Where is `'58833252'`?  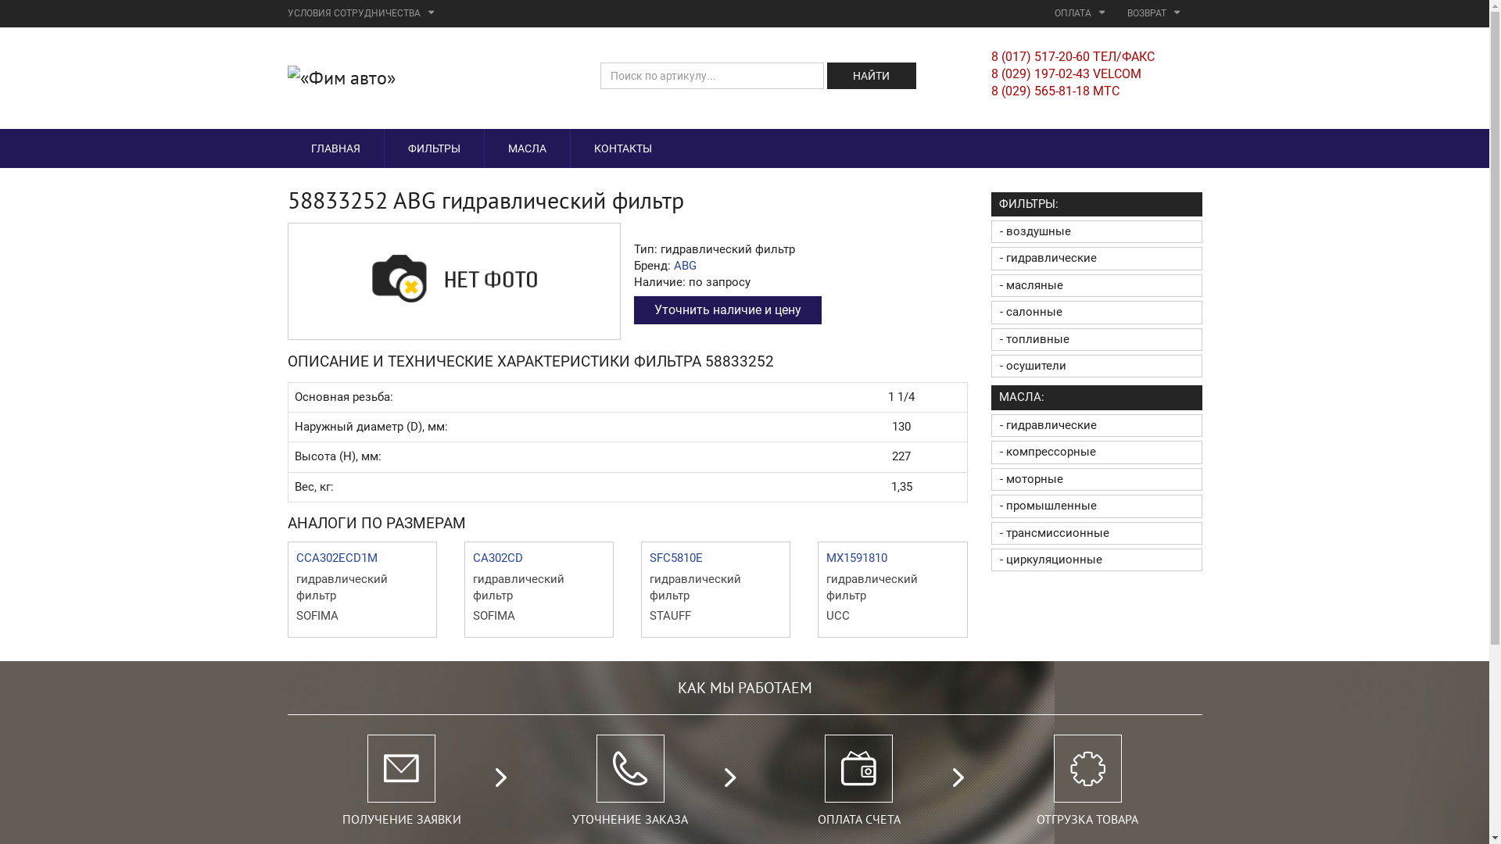 '58833252' is located at coordinates (453, 278).